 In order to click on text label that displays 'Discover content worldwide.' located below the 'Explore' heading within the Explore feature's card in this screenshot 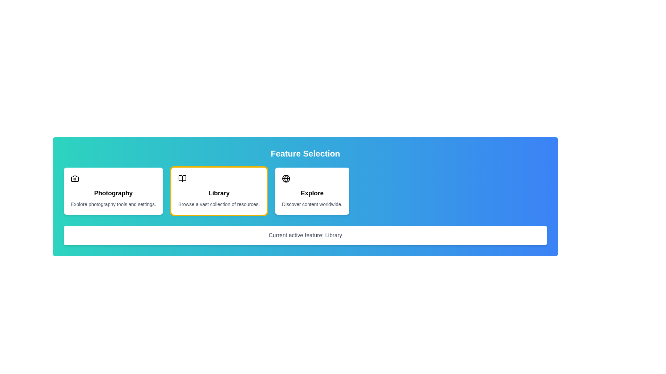, I will do `click(312, 204)`.